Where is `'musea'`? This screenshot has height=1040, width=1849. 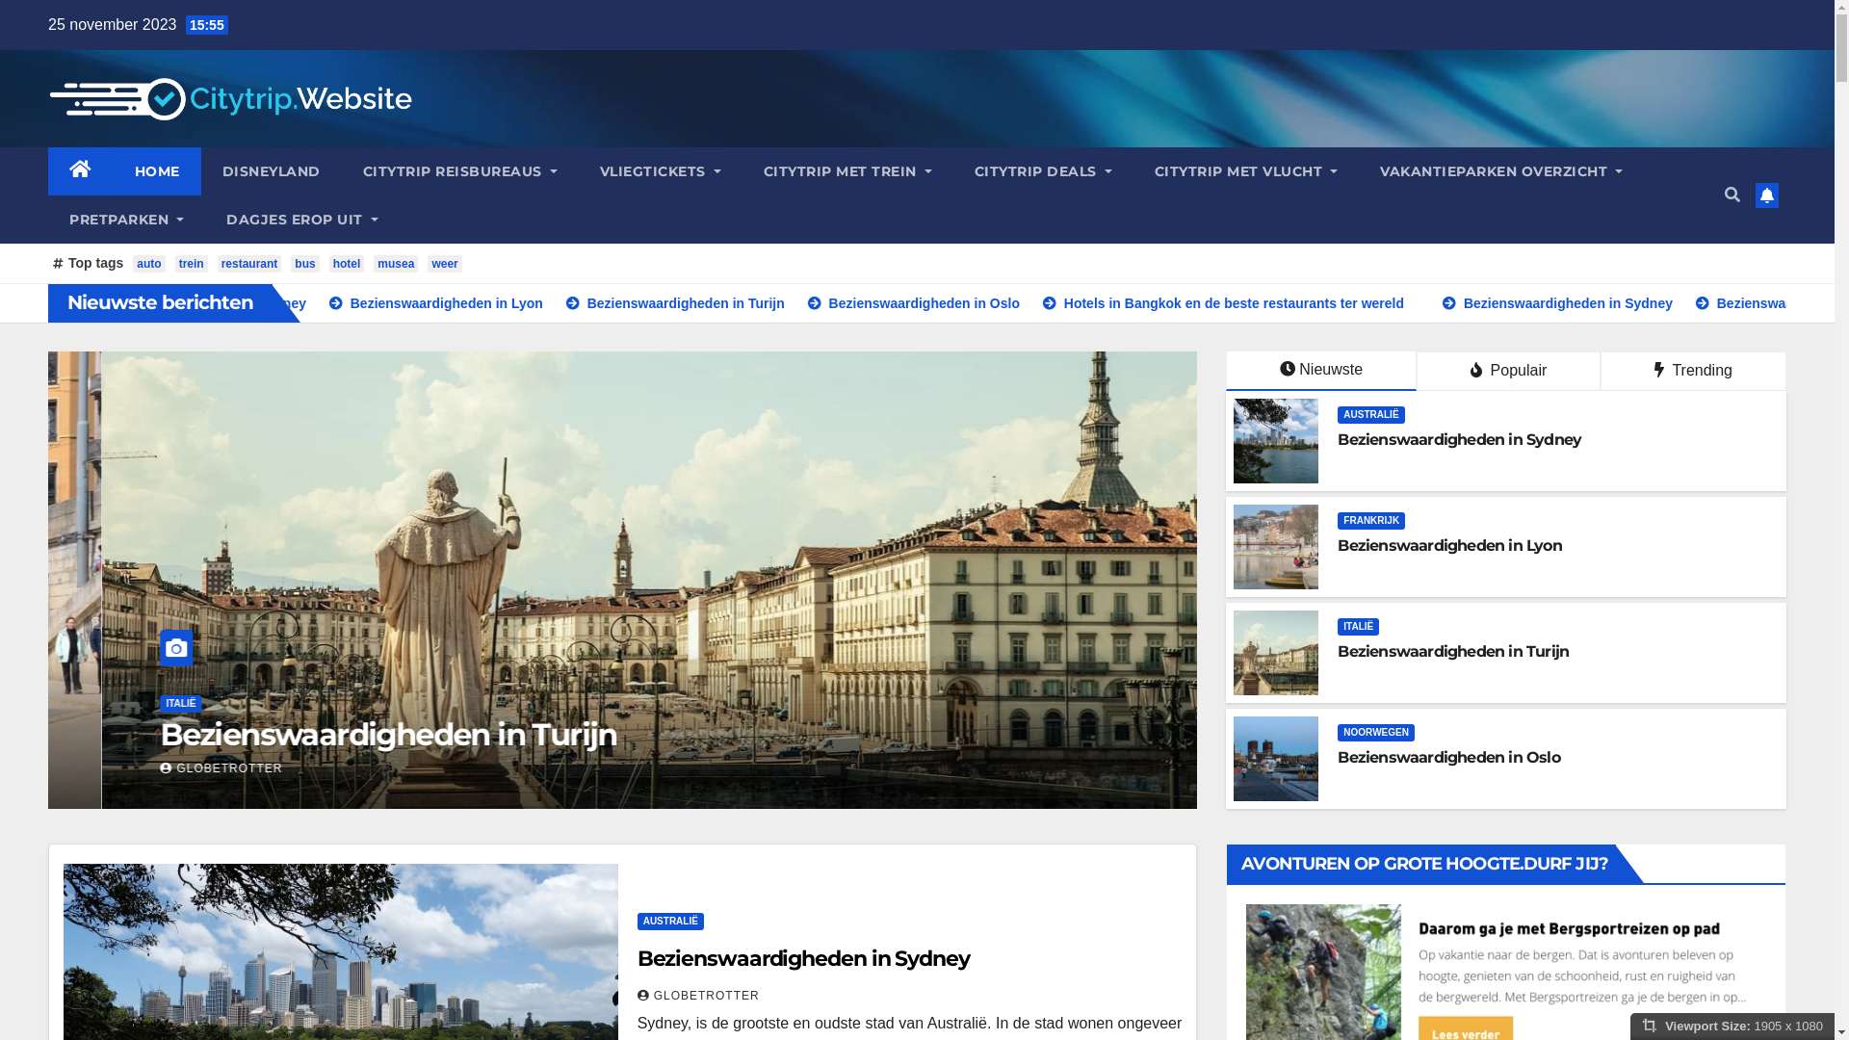 'musea' is located at coordinates (374, 263).